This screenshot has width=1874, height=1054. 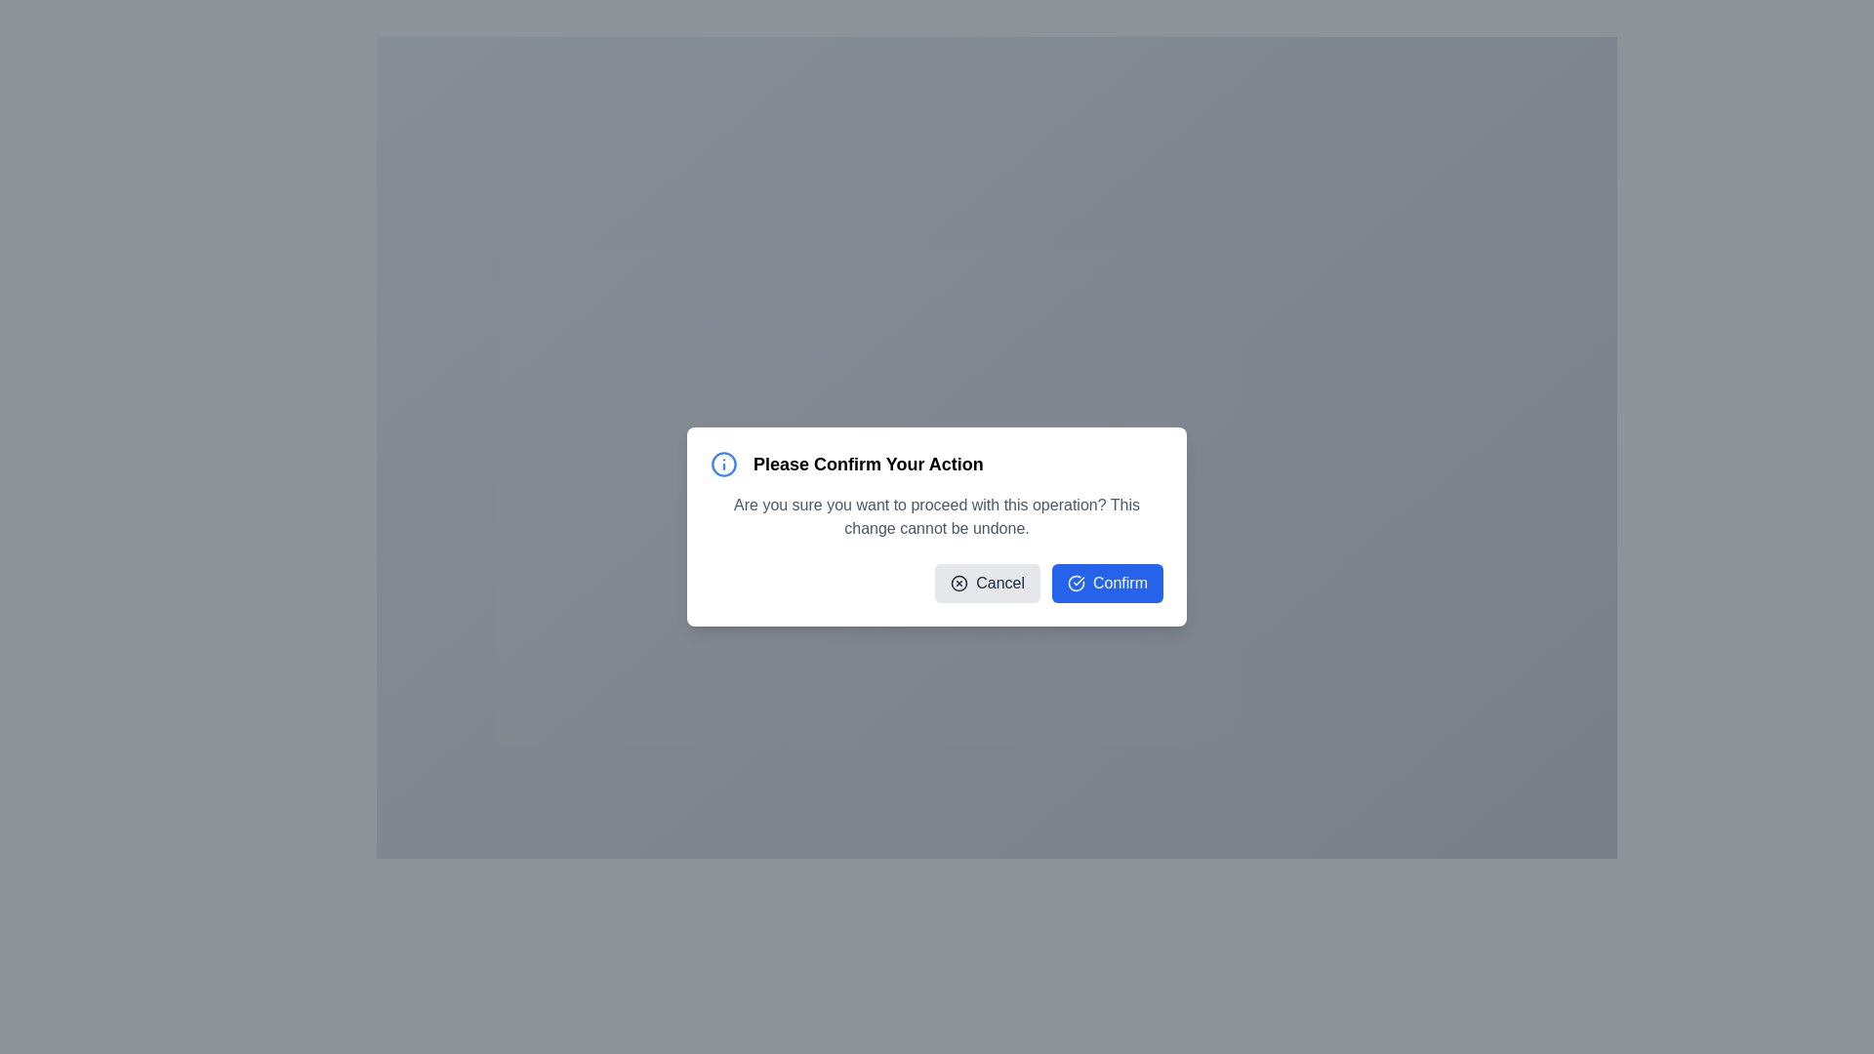 I want to click on the icon located on the left side of the 'Cancel' button in the confirmation dialog titled 'Please Confirm Your Action', so click(x=959, y=582).